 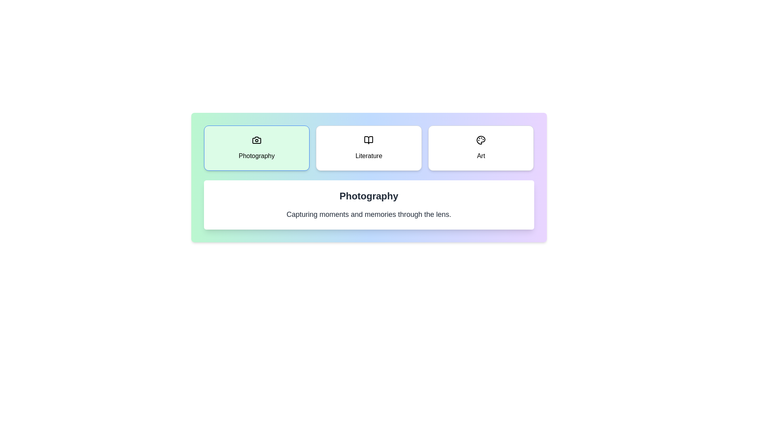 I want to click on the camera body section of the camera icon, which is an outlined rectangle positioned within the green card labeled 'Photography', so click(x=256, y=140).